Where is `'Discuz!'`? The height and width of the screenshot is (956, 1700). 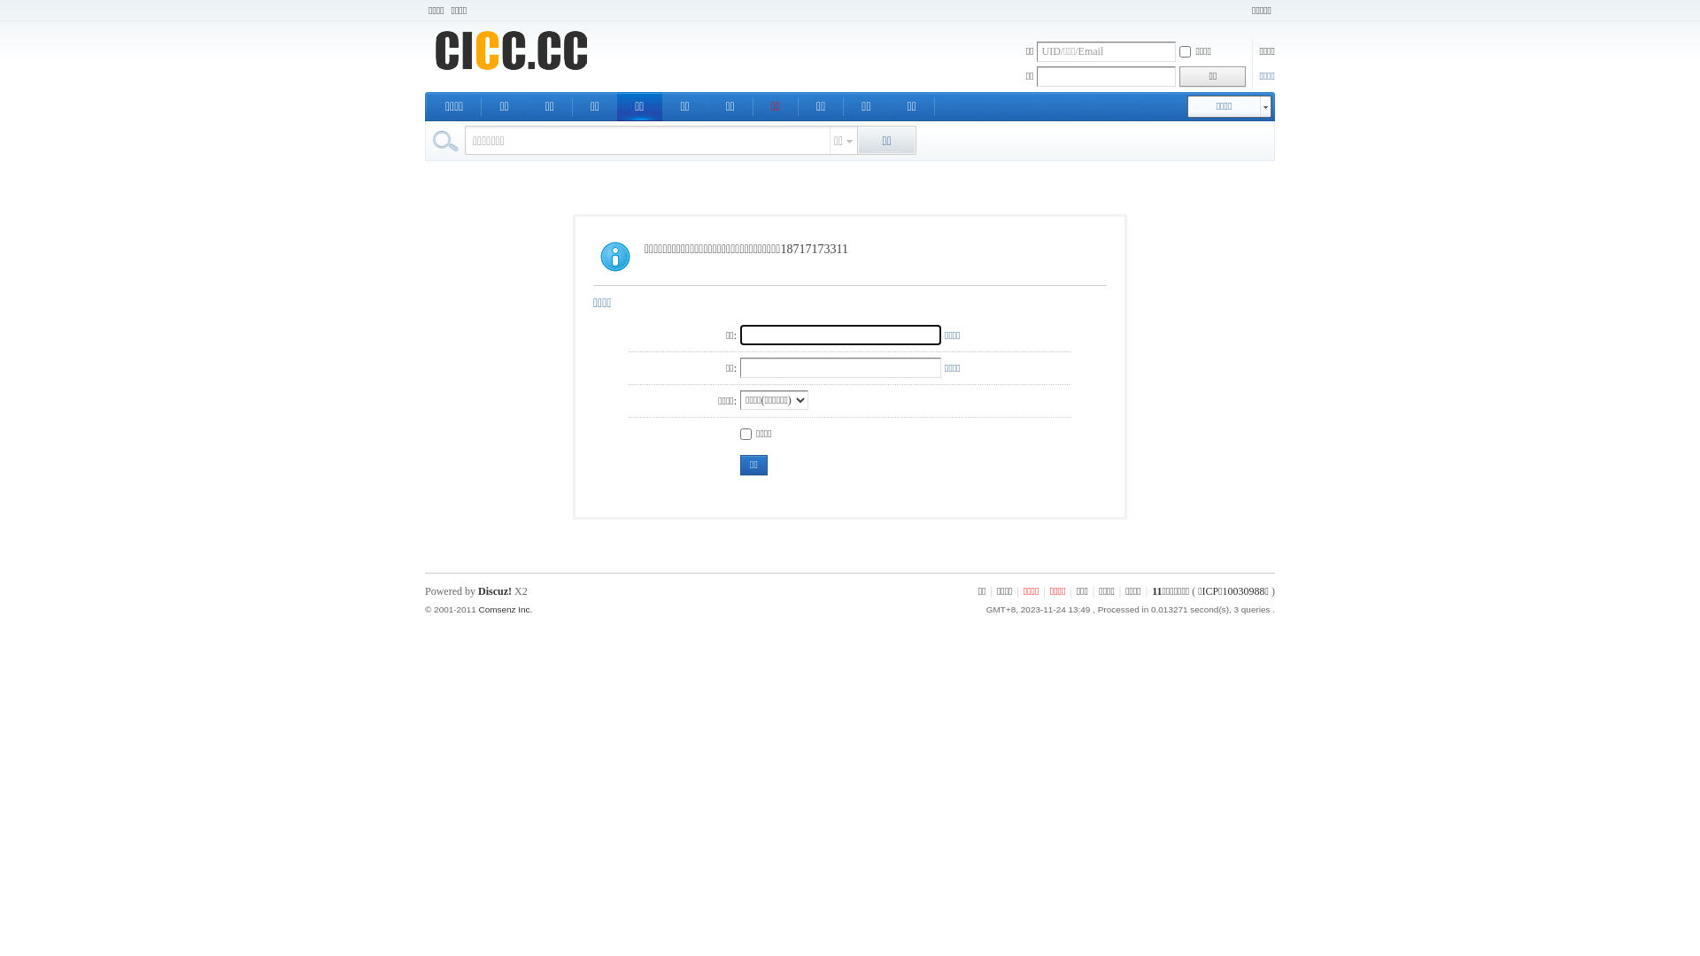 'Discuz!' is located at coordinates (494, 590).